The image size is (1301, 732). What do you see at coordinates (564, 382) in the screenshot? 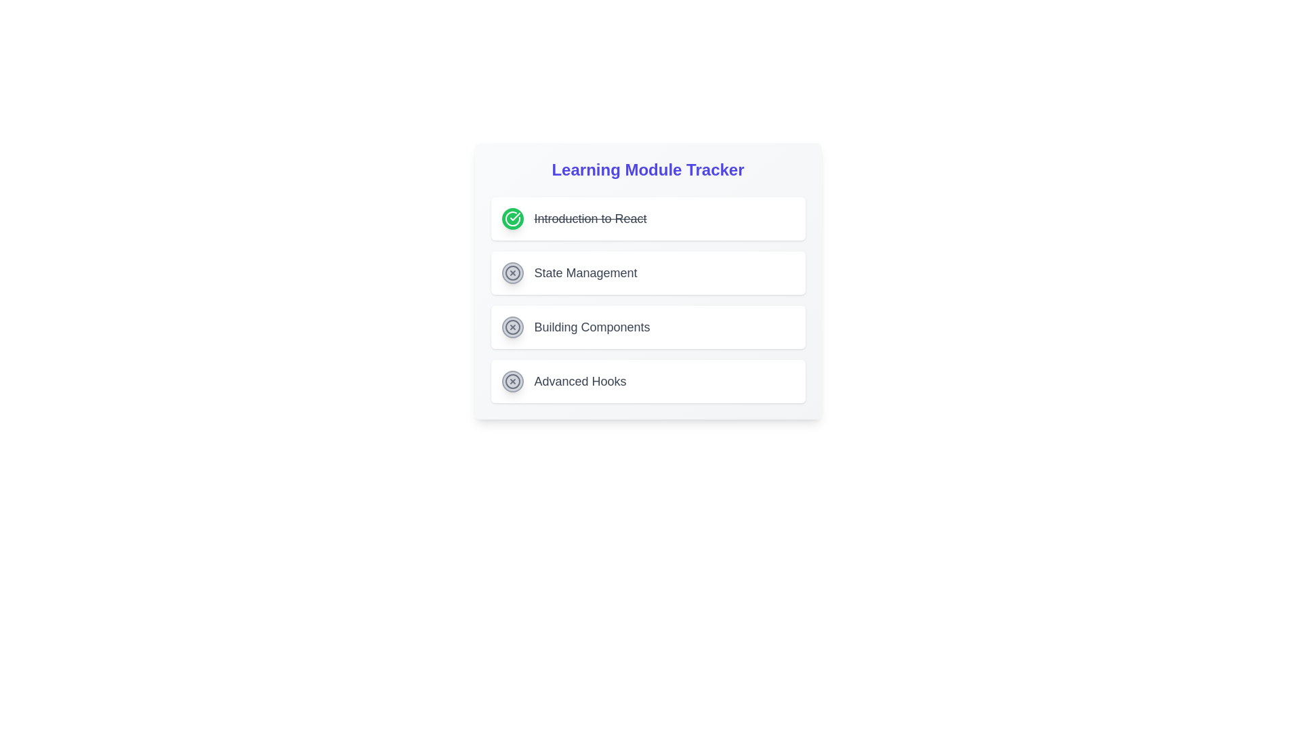
I see `the circular icon of the 'Advanced Hooks' module in the Learning Module Tracker` at bounding box center [564, 382].